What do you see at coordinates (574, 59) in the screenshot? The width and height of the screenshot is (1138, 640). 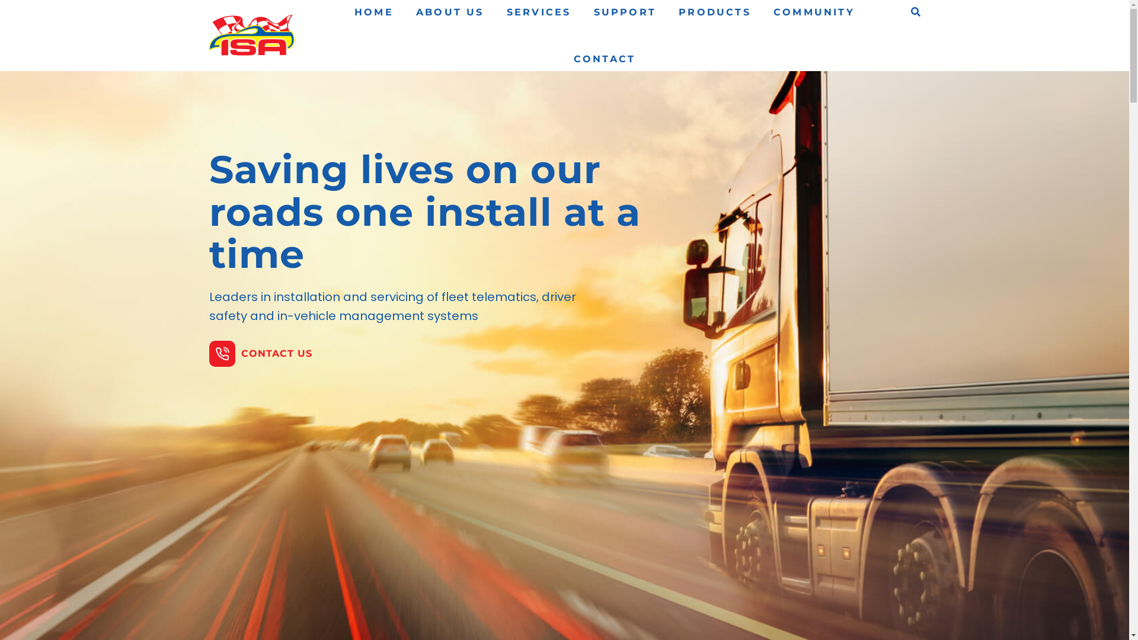 I see `'CONTACT'` at bounding box center [574, 59].